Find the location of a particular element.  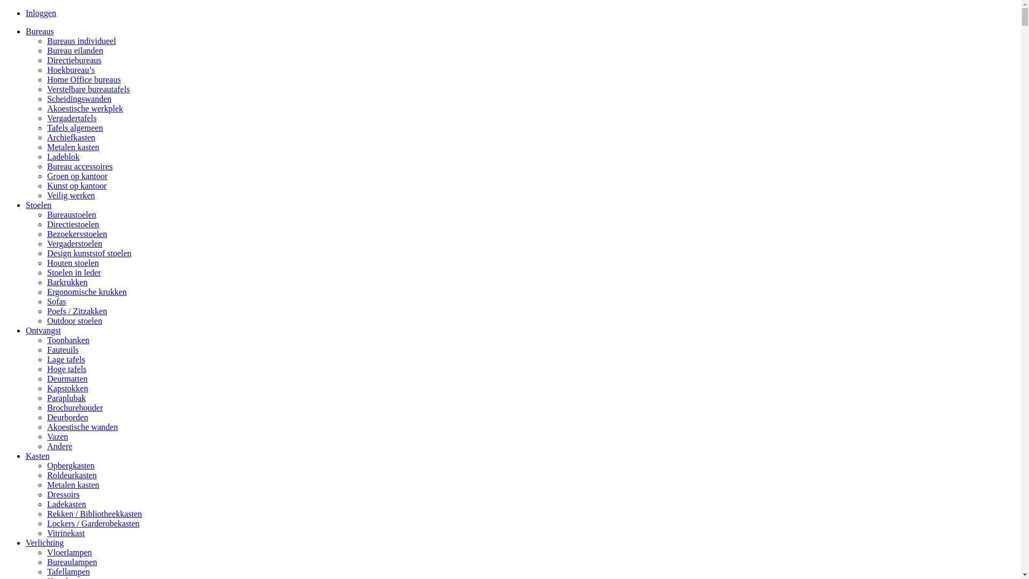

'Paraplubak' is located at coordinates (66, 398).